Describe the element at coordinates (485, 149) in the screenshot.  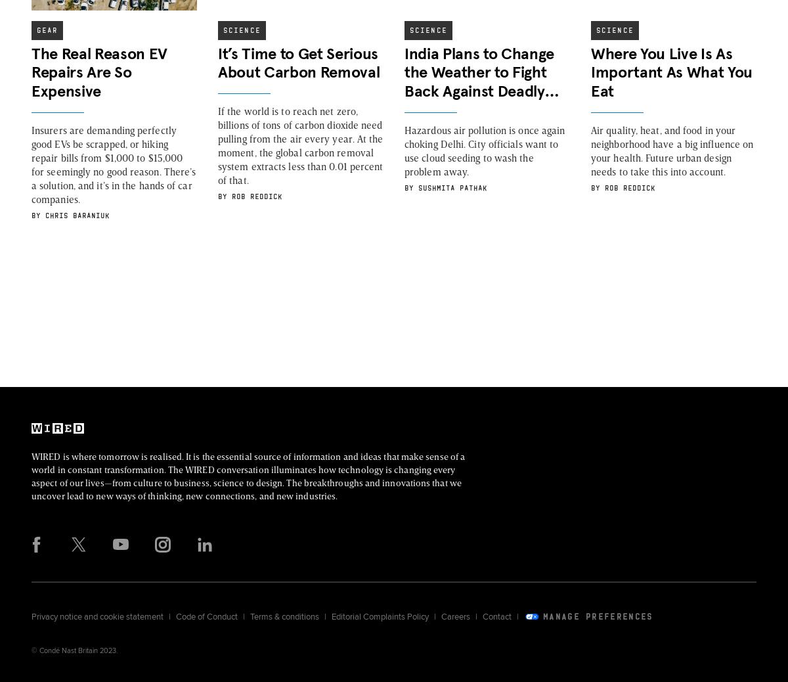
I see `'Hazardous air pollution is once again choking Delhi. City officials want to use cloud seeding to wash the problem away.'` at that location.